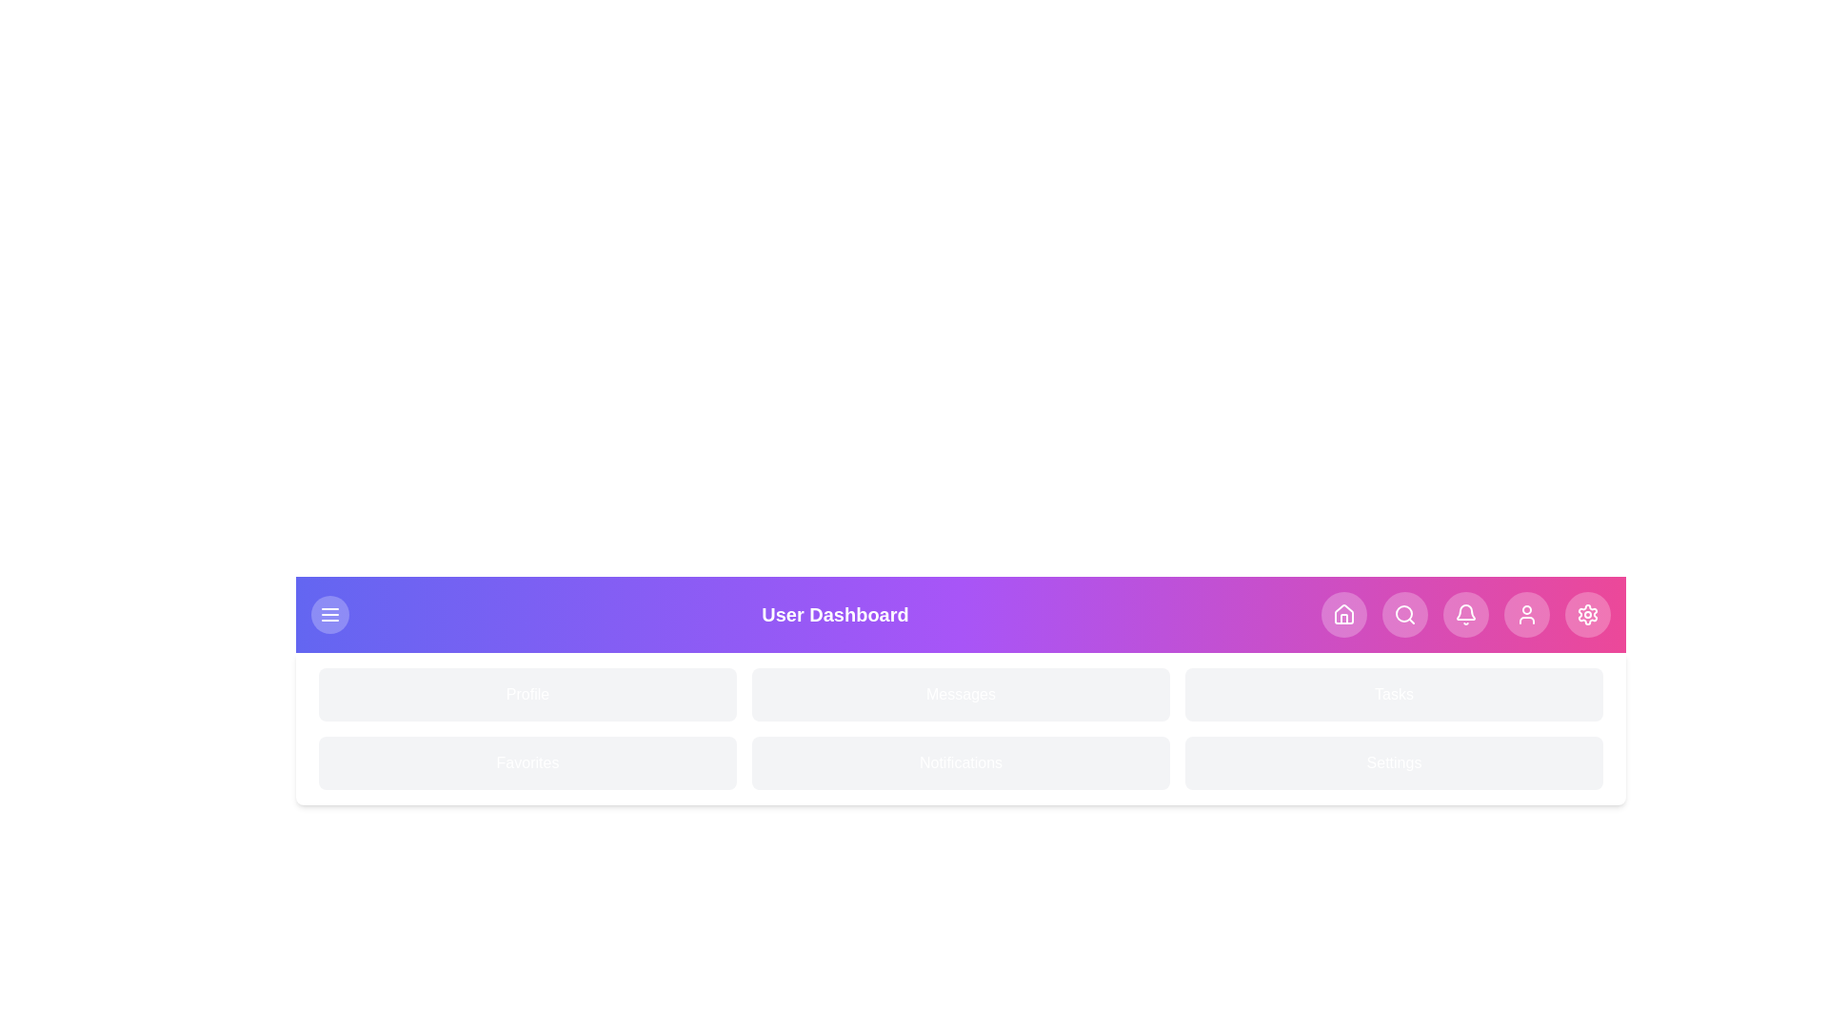  What do you see at coordinates (835, 614) in the screenshot?
I see `the 'User Dashboard' title text` at bounding box center [835, 614].